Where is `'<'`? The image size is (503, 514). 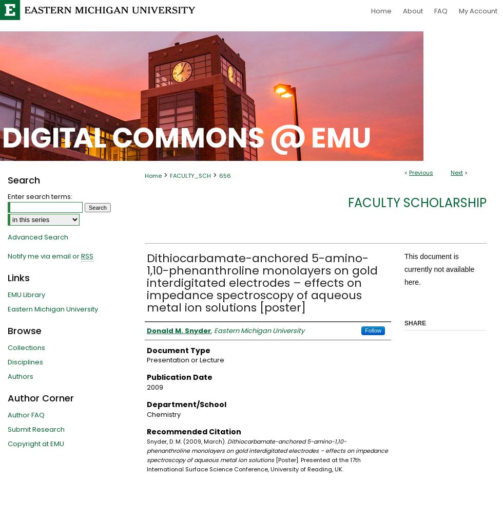 '<' is located at coordinates (407, 172).